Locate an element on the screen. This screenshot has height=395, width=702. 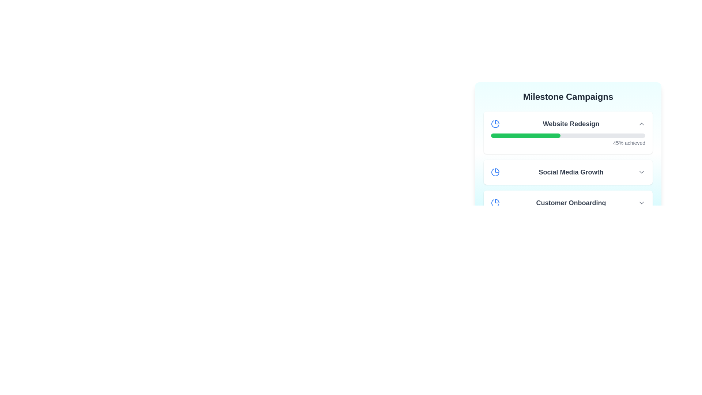
the 'Social Media Growth' list item, which features a blue outlined pie chart icon followed by bold gray text and a downward chevron is located at coordinates (568, 172).